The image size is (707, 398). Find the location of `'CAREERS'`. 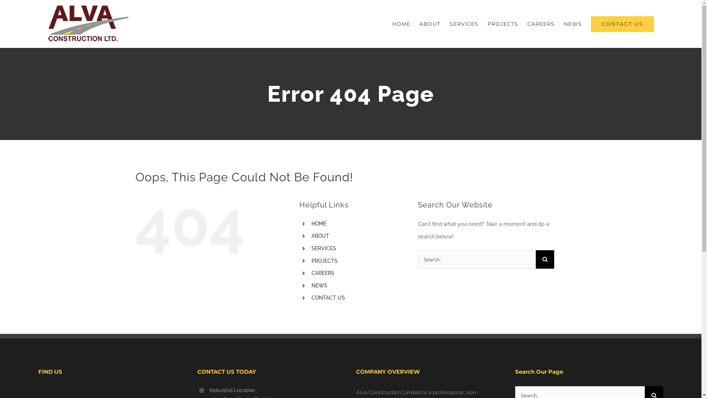

'CAREERS' is located at coordinates (323, 273).